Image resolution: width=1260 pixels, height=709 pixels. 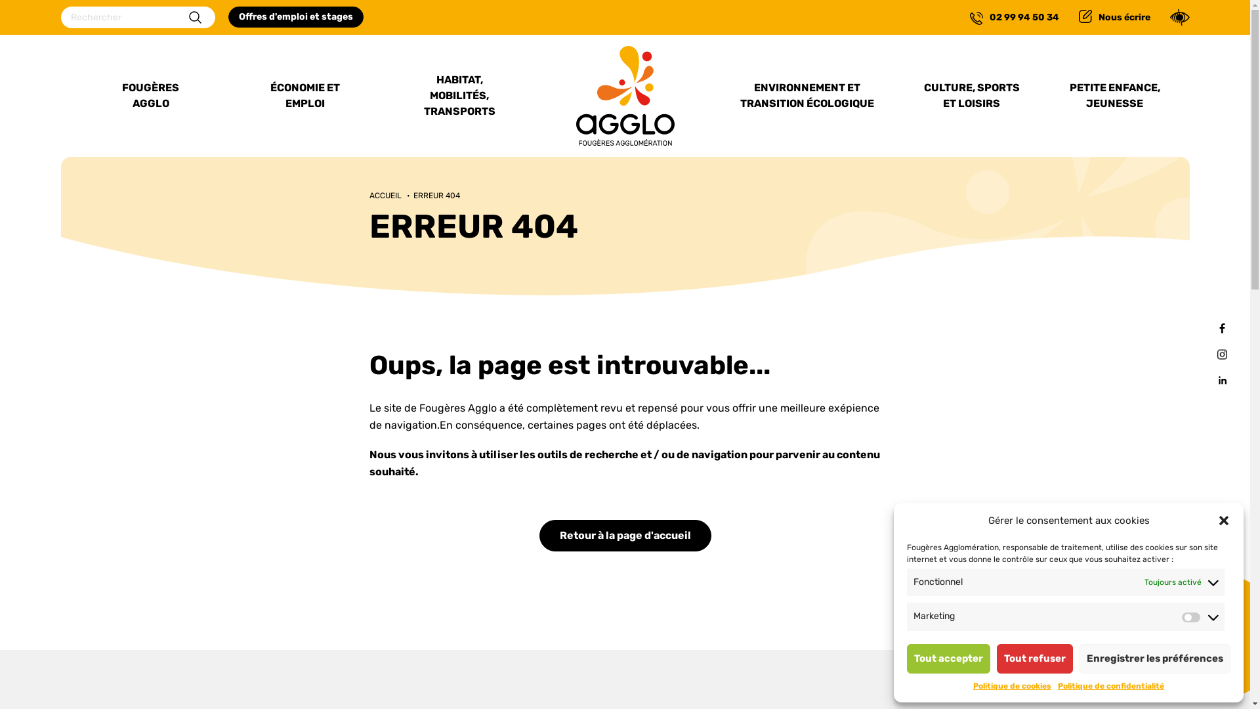 What do you see at coordinates (948, 658) in the screenshot?
I see `'Tout accepter'` at bounding box center [948, 658].